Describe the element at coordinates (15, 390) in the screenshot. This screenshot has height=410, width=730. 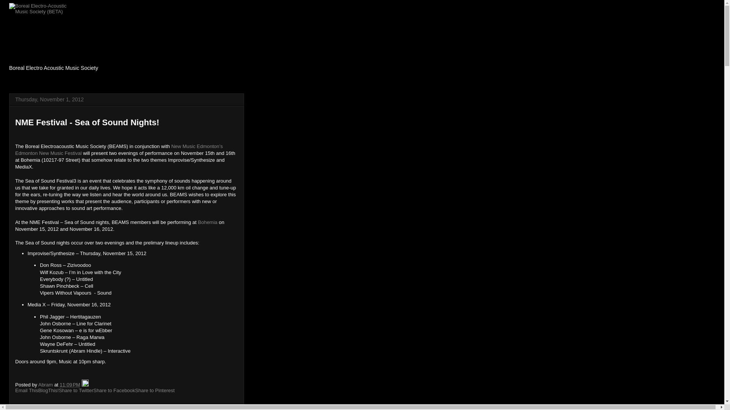
I see `'Email This'` at that location.